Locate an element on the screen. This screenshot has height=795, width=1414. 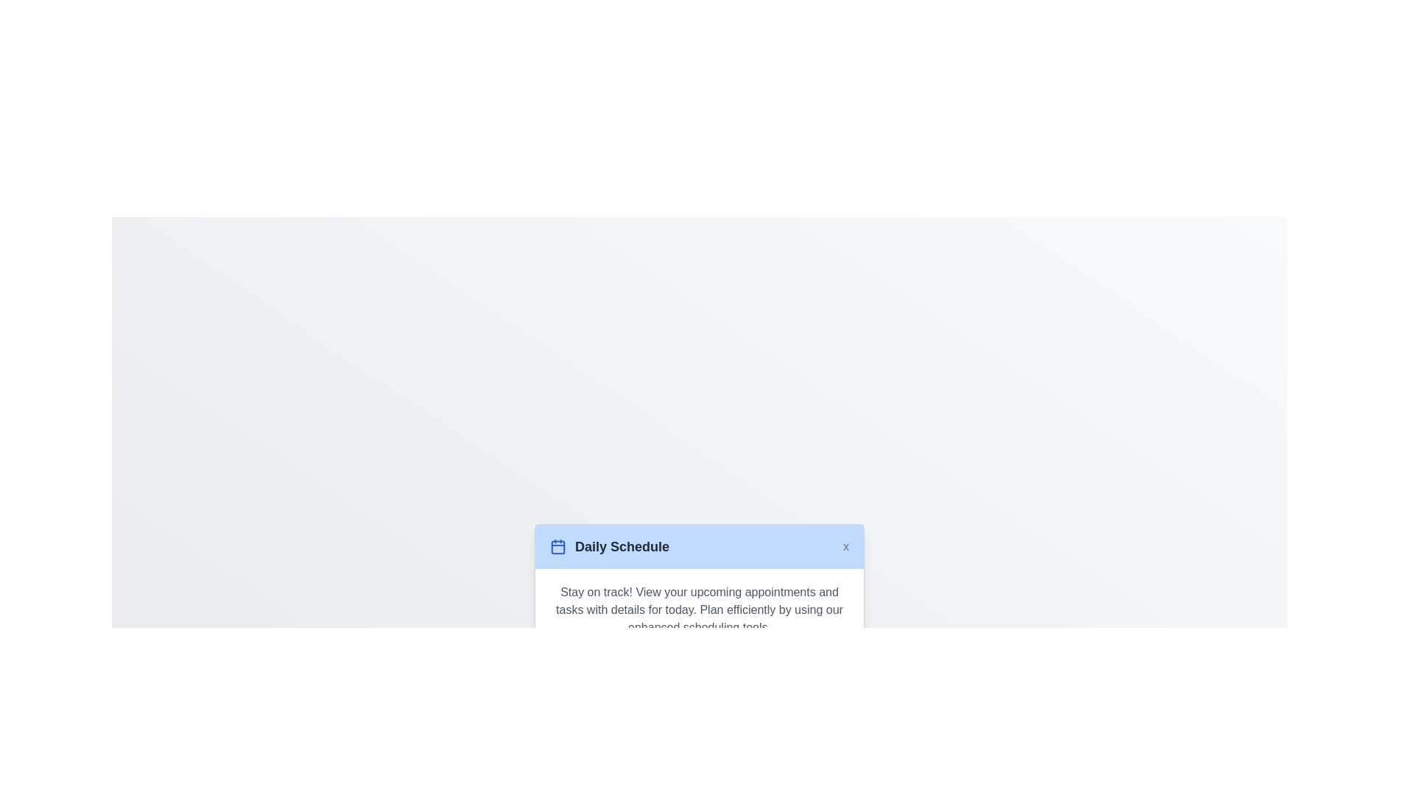
text of the 'Daily Schedule' Label with icon, which serves as a section header for the content area is located at coordinates (610, 546).